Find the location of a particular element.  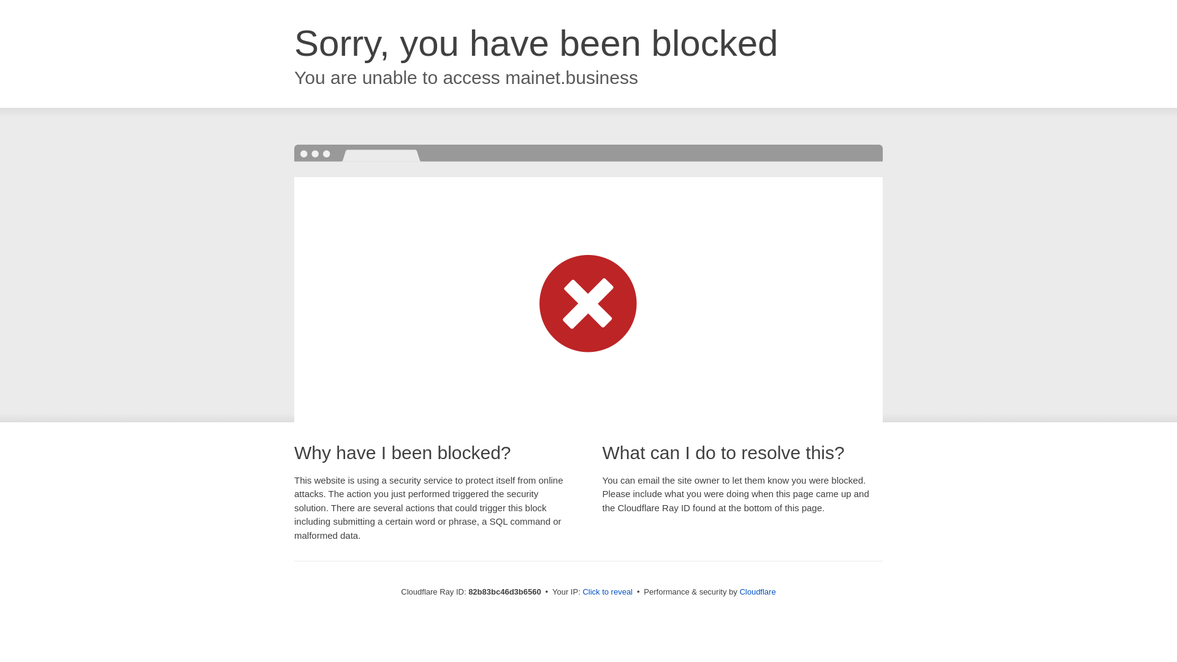

'Click to reveal' is located at coordinates (607, 591).